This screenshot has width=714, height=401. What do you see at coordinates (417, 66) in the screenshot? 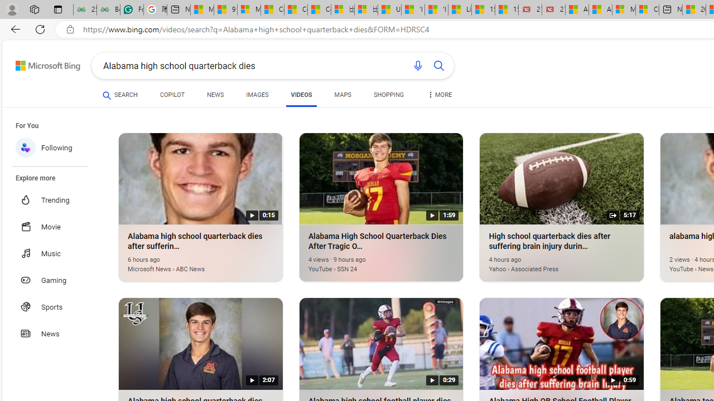
I see `'Search using voice'` at bounding box center [417, 66].